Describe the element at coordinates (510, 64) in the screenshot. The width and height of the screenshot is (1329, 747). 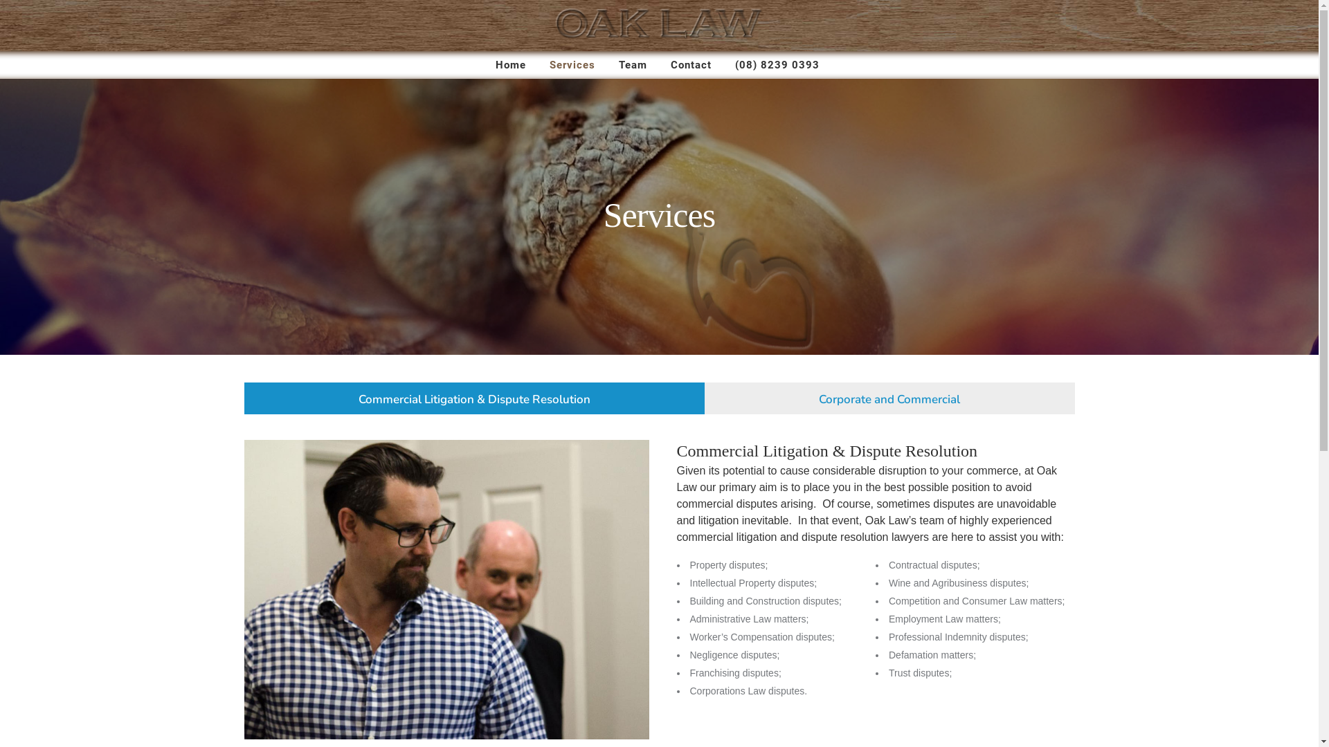
I see `'Home'` at that location.